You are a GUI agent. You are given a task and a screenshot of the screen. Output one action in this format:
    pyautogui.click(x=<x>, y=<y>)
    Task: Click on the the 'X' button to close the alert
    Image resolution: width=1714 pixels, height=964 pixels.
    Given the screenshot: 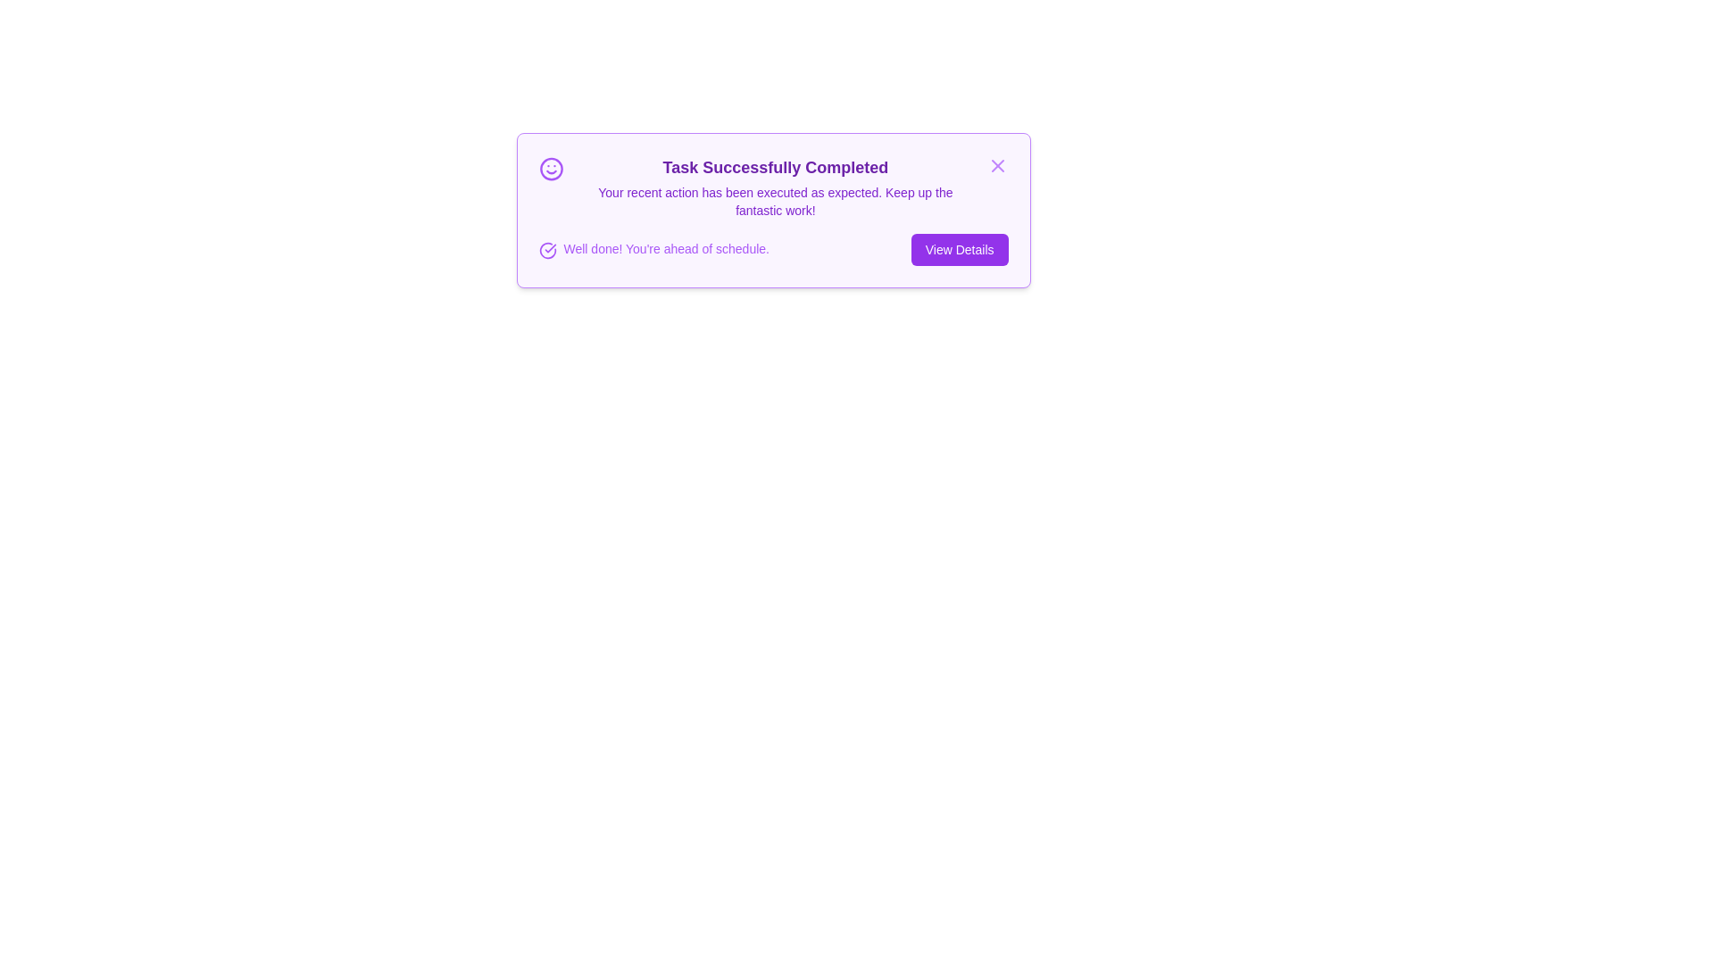 What is the action you would take?
    pyautogui.click(x=996, y=165)
    